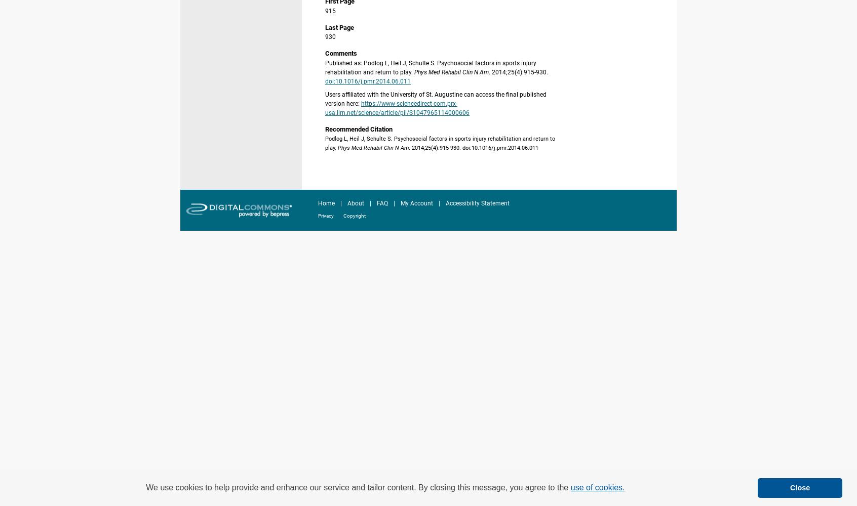 Image resolution: width=857 pixels, height=506 pixels. Describe the element at coordinates (367, 81) in the screenshot. I see `'doi:10.1016/j.pmr.2014.06.011'` at that location.